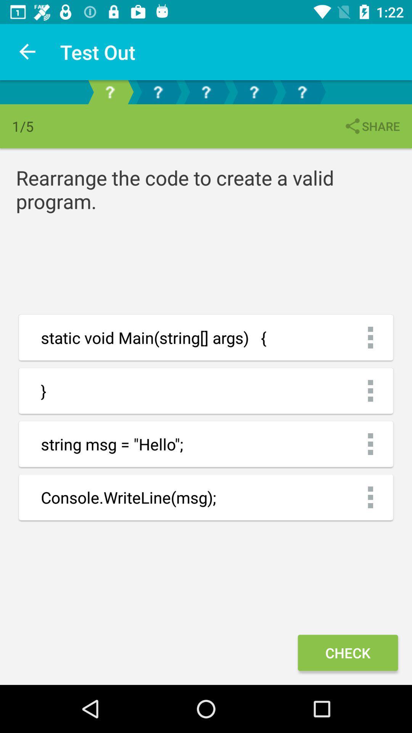 This screenshot has height=733, width=412. Describe the element at coordinates (348, 652) in the screenshot. I see `check item` at that location.